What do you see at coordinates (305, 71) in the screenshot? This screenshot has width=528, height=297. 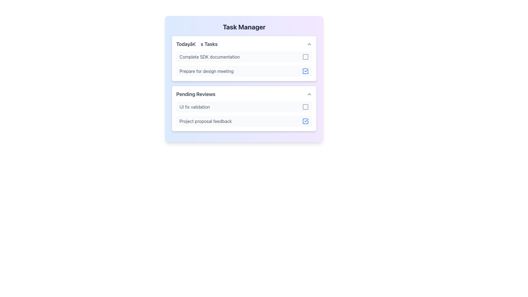 I see `the task completion icon in the 'Prepare for design meeting' row of the 'Today's Tasks' section, located at the far right end of the row` at bounding box center [305, 71].